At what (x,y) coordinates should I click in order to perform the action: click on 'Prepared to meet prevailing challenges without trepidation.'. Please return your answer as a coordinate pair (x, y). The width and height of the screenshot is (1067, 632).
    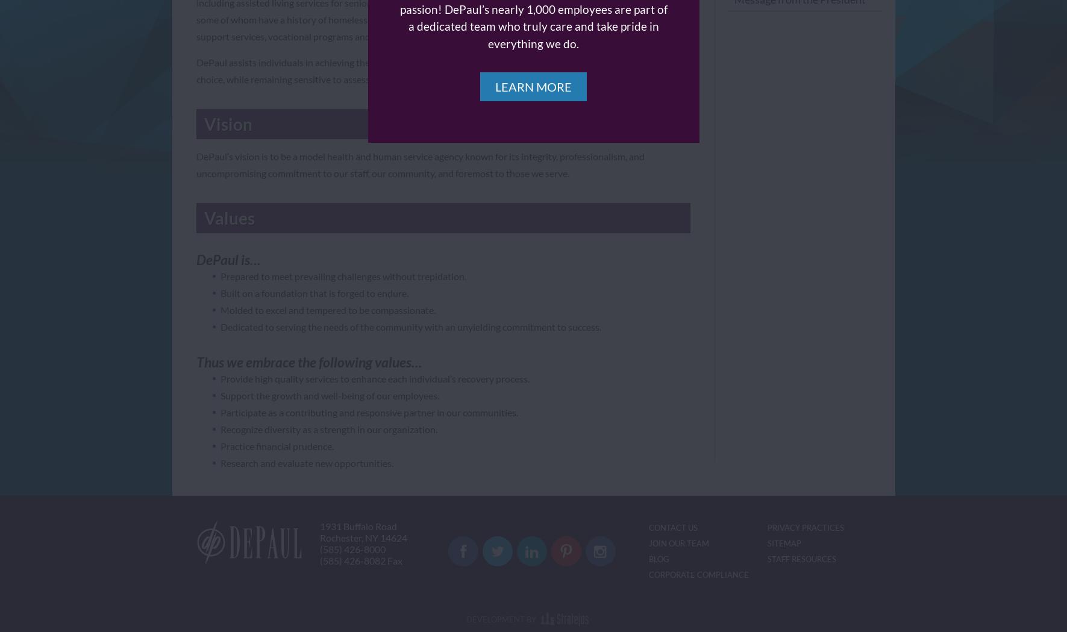
    Looking at the image, I should click on (342, 276).